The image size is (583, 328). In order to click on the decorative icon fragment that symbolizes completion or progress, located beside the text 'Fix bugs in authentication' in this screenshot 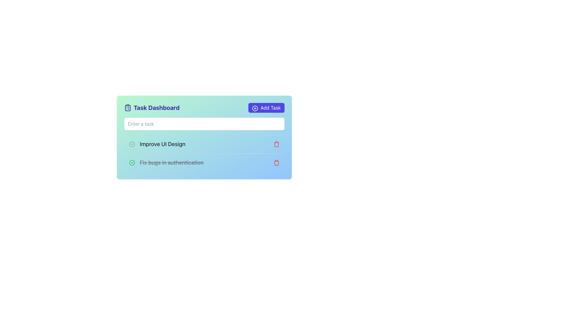, I will do `click(131, 144)`.